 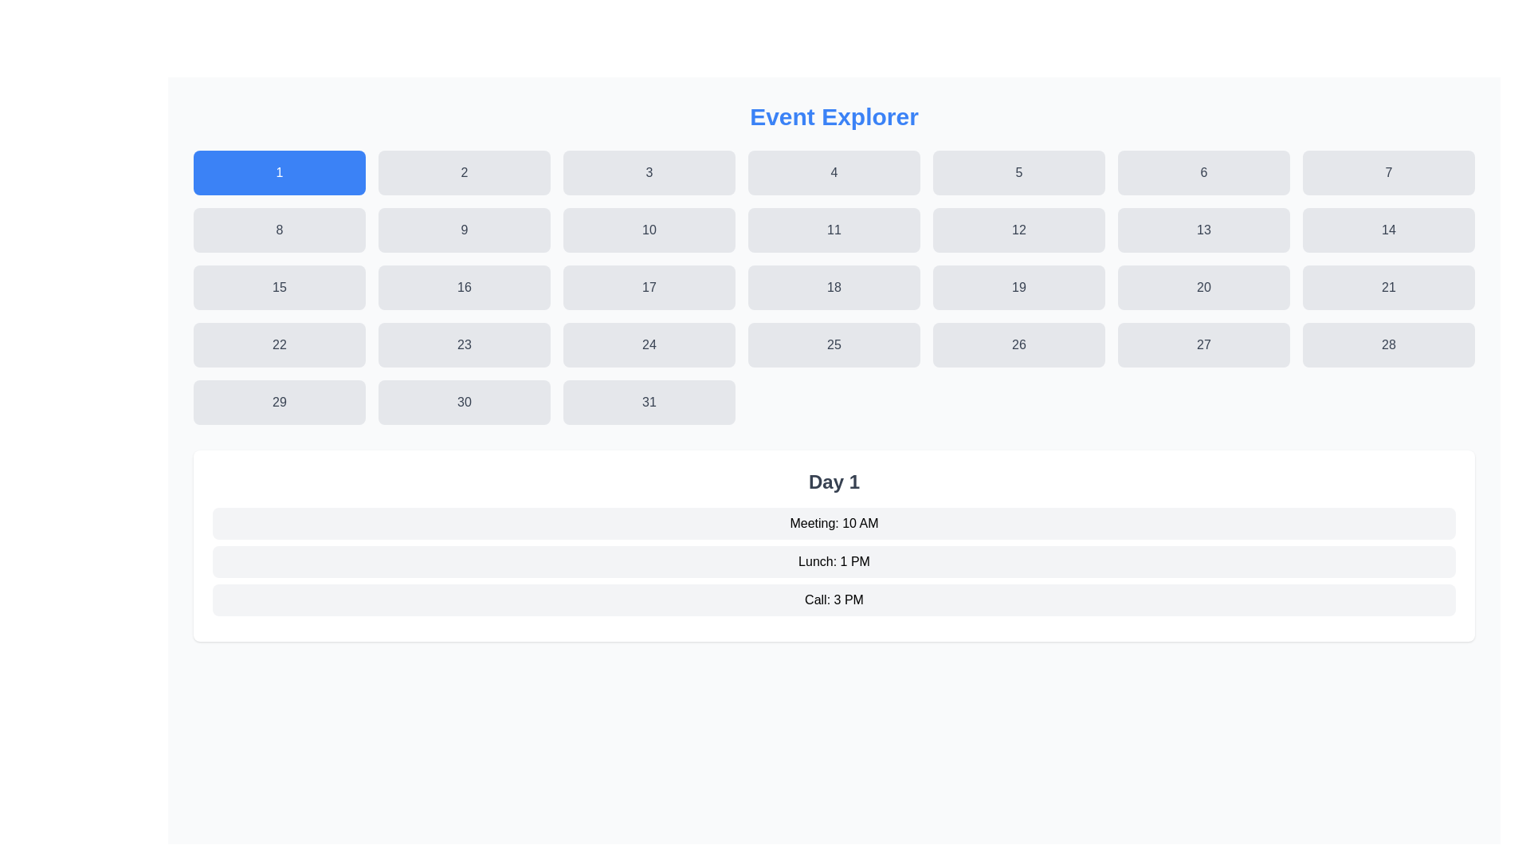 What do you see at coordinates (279, 344) in the screenshot?
I see `the button located in the fourth row and first column of the grid to activate hover effects` at bounding box center [279, 344].